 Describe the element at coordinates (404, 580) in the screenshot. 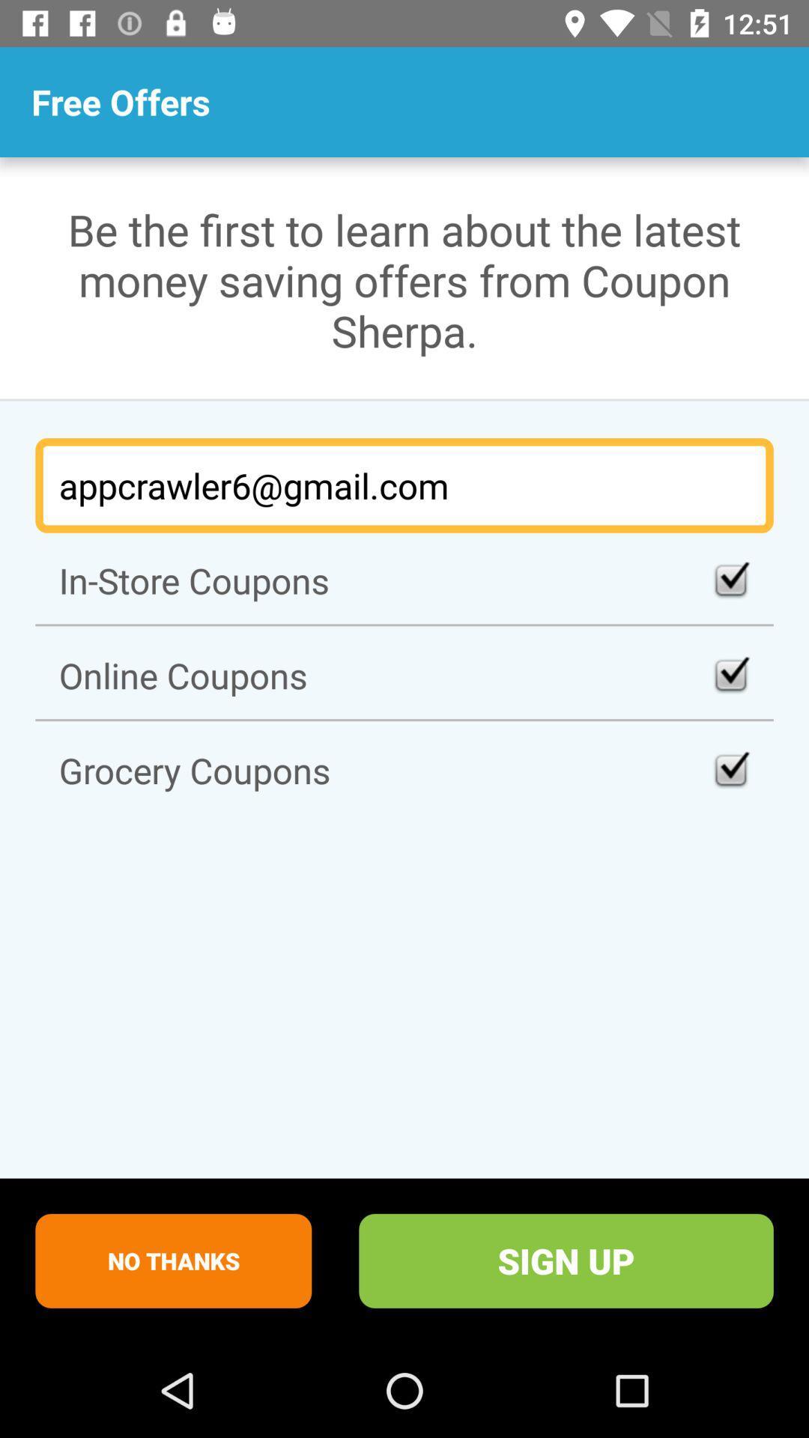

I see `the icon below the appcrawler6@gmail.com item` at that location.